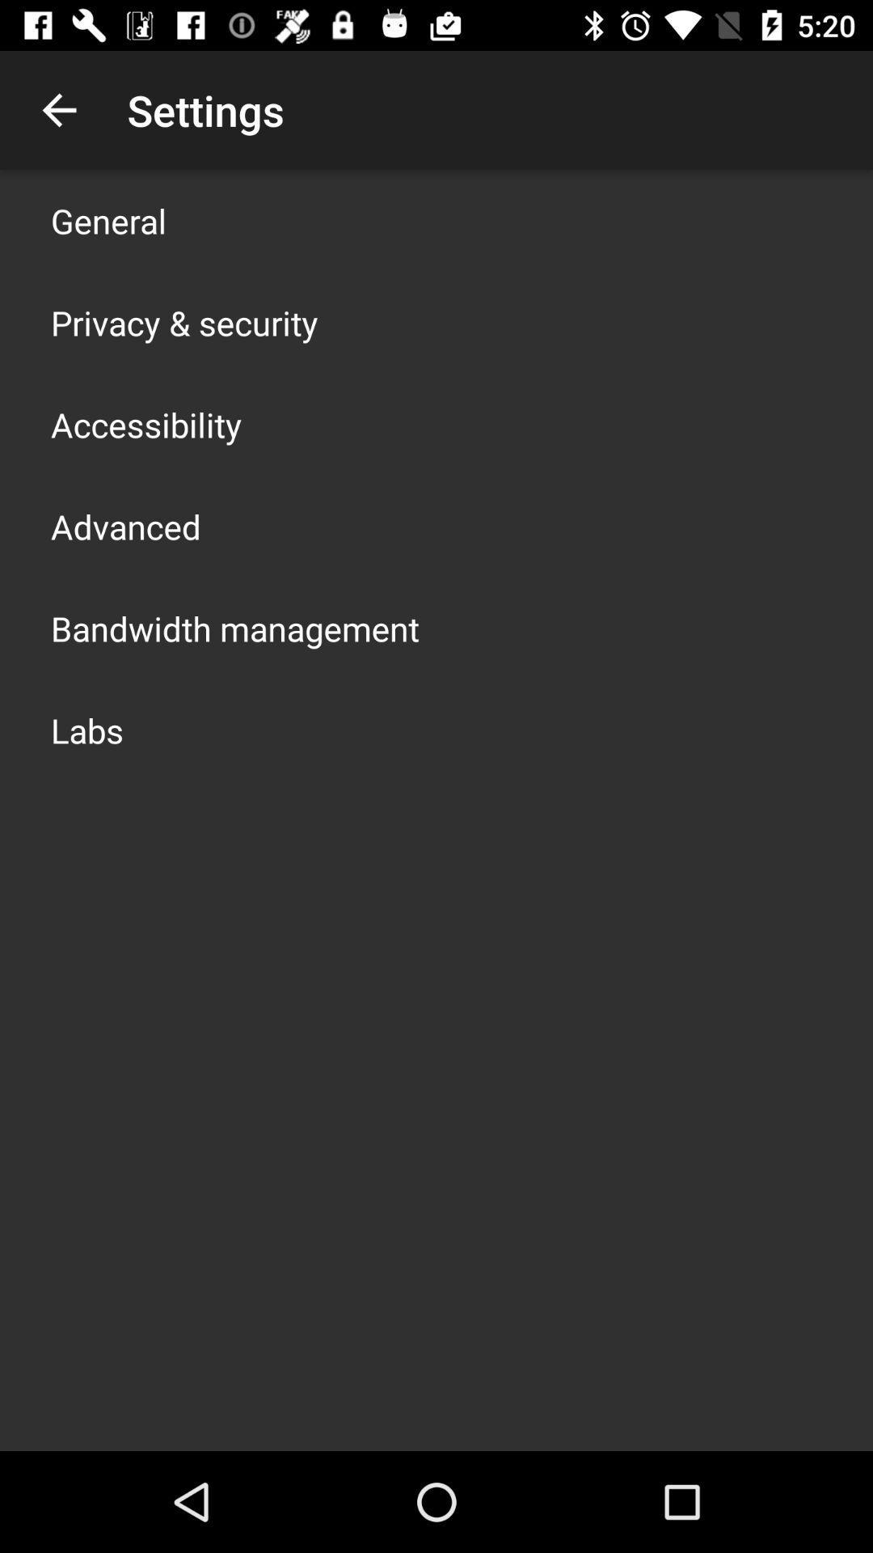  I want to click on accessibility app, so click(146, 424).